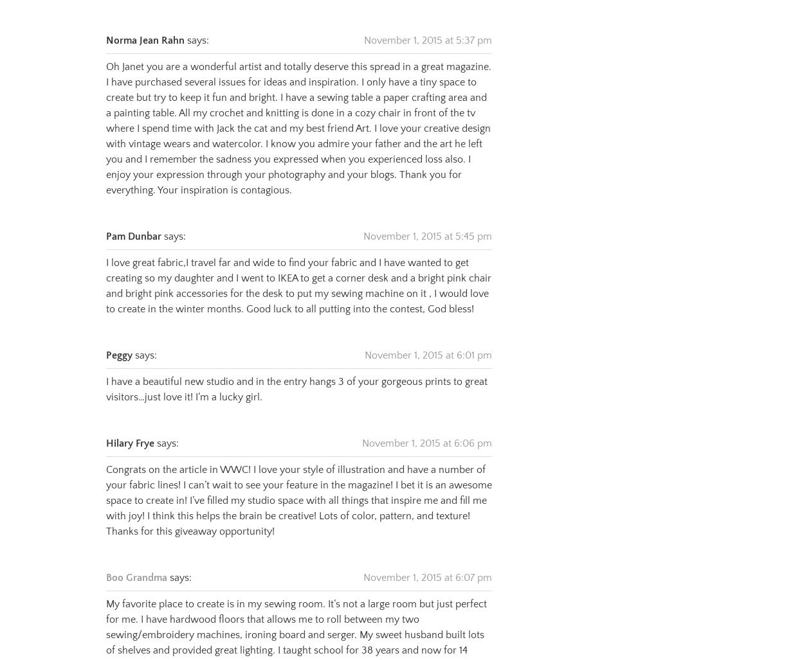  What do you see at coordinates (106, 112) in the screenshot?
I see `'Oh Janet you are a wonderful artist and totally deserve this spread in a great magazine.  I have purchased several issues for ideas and inspiration. I only have a tiny space to create but try to keep it fun and bright.  I have a sewing table a paper crafting area and a painting table. All my crochet and knitting is done in a cozy chair in front of the tv where I spend time with Jack the cat and my best friend Art. I love your creative design with vintage wears and watercolor.  I know you admire your father and the art he left you and I remember the sadness you expressed when you experienced loss also. I enjoy your expression through your photography and your blogs. Thank you for everything. Your inspiration is contagious.'` at bounding box center [106, 112].